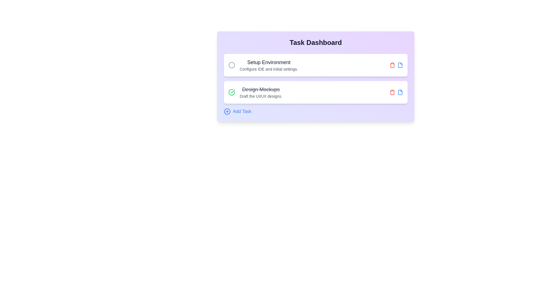 Image resolution: width=542 pixels, height=305 pixels. What do you see at coordinates (392, 65) in the screenshot?
I see `the task with ID 1 by clicking the corresponding delete button` at bounding box center [392, 65].